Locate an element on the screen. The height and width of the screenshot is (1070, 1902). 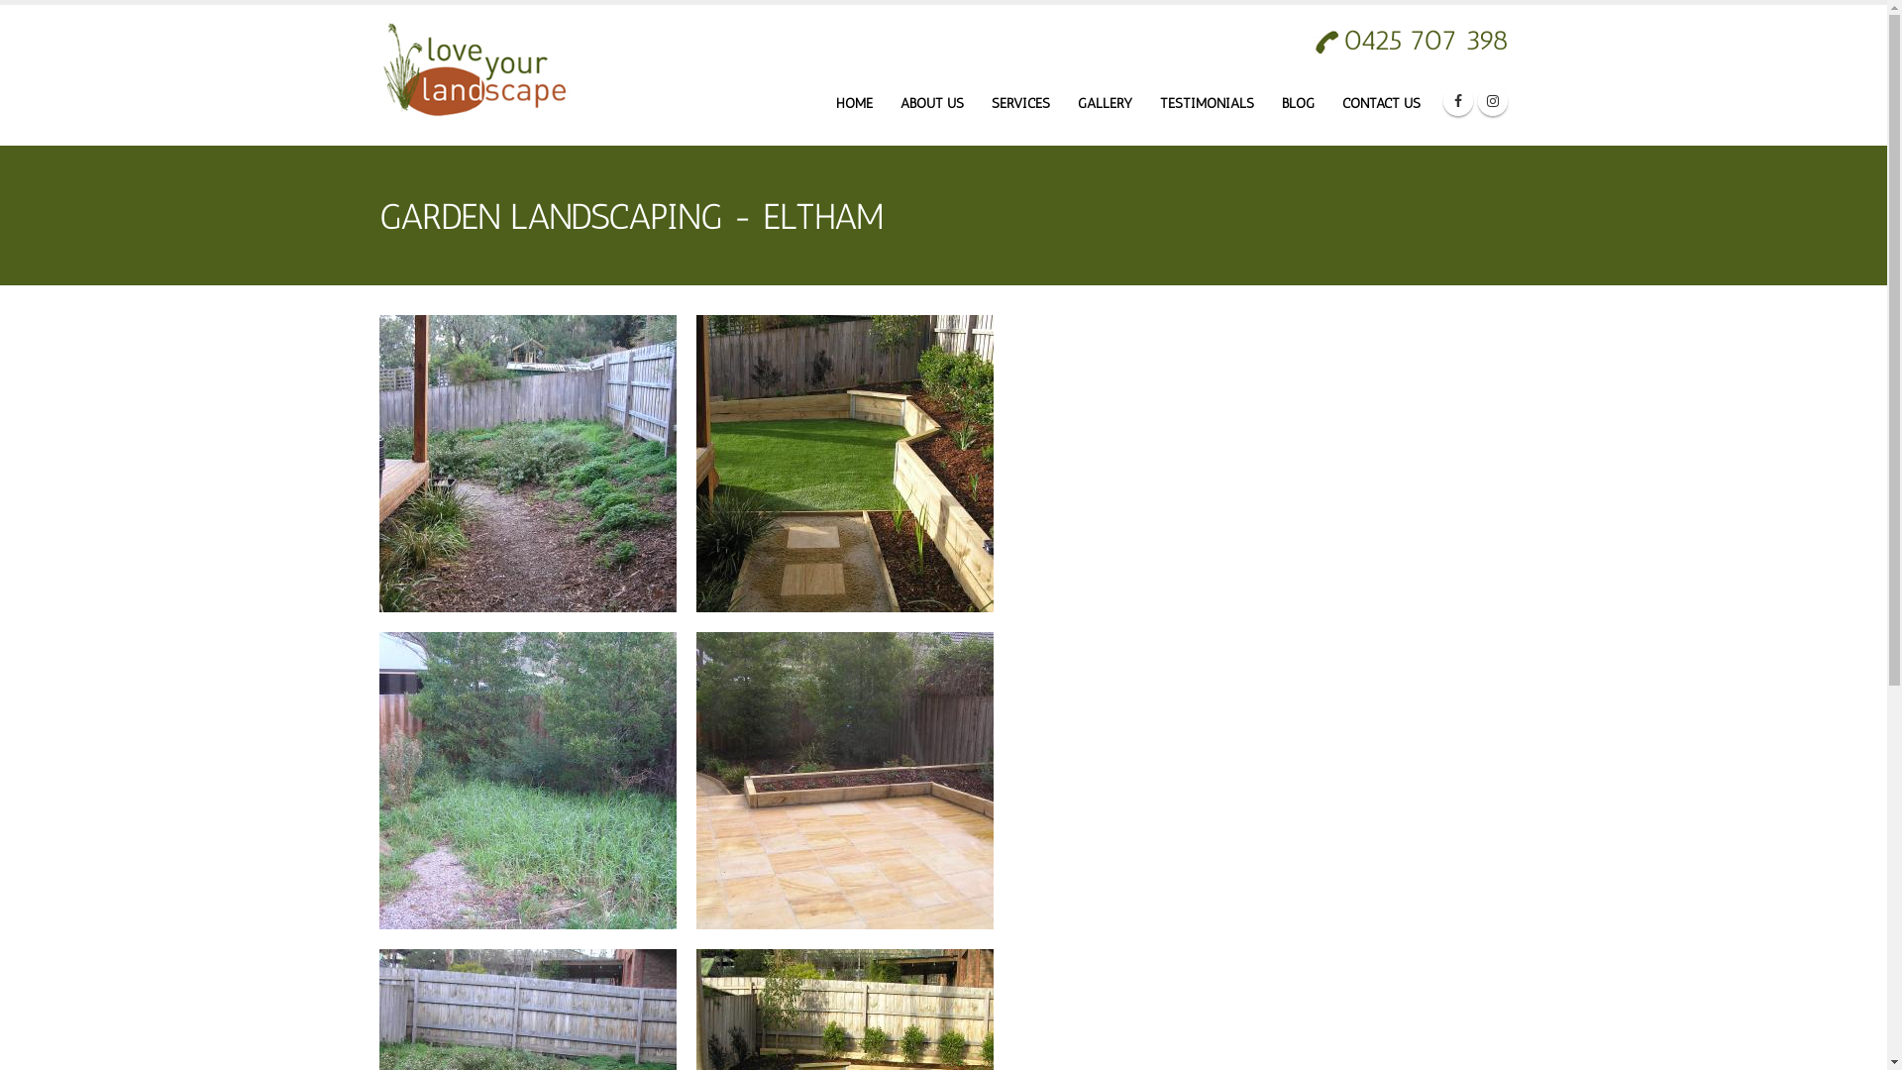
'TESTIMONIALS' is located at coordinates (1206, 103).